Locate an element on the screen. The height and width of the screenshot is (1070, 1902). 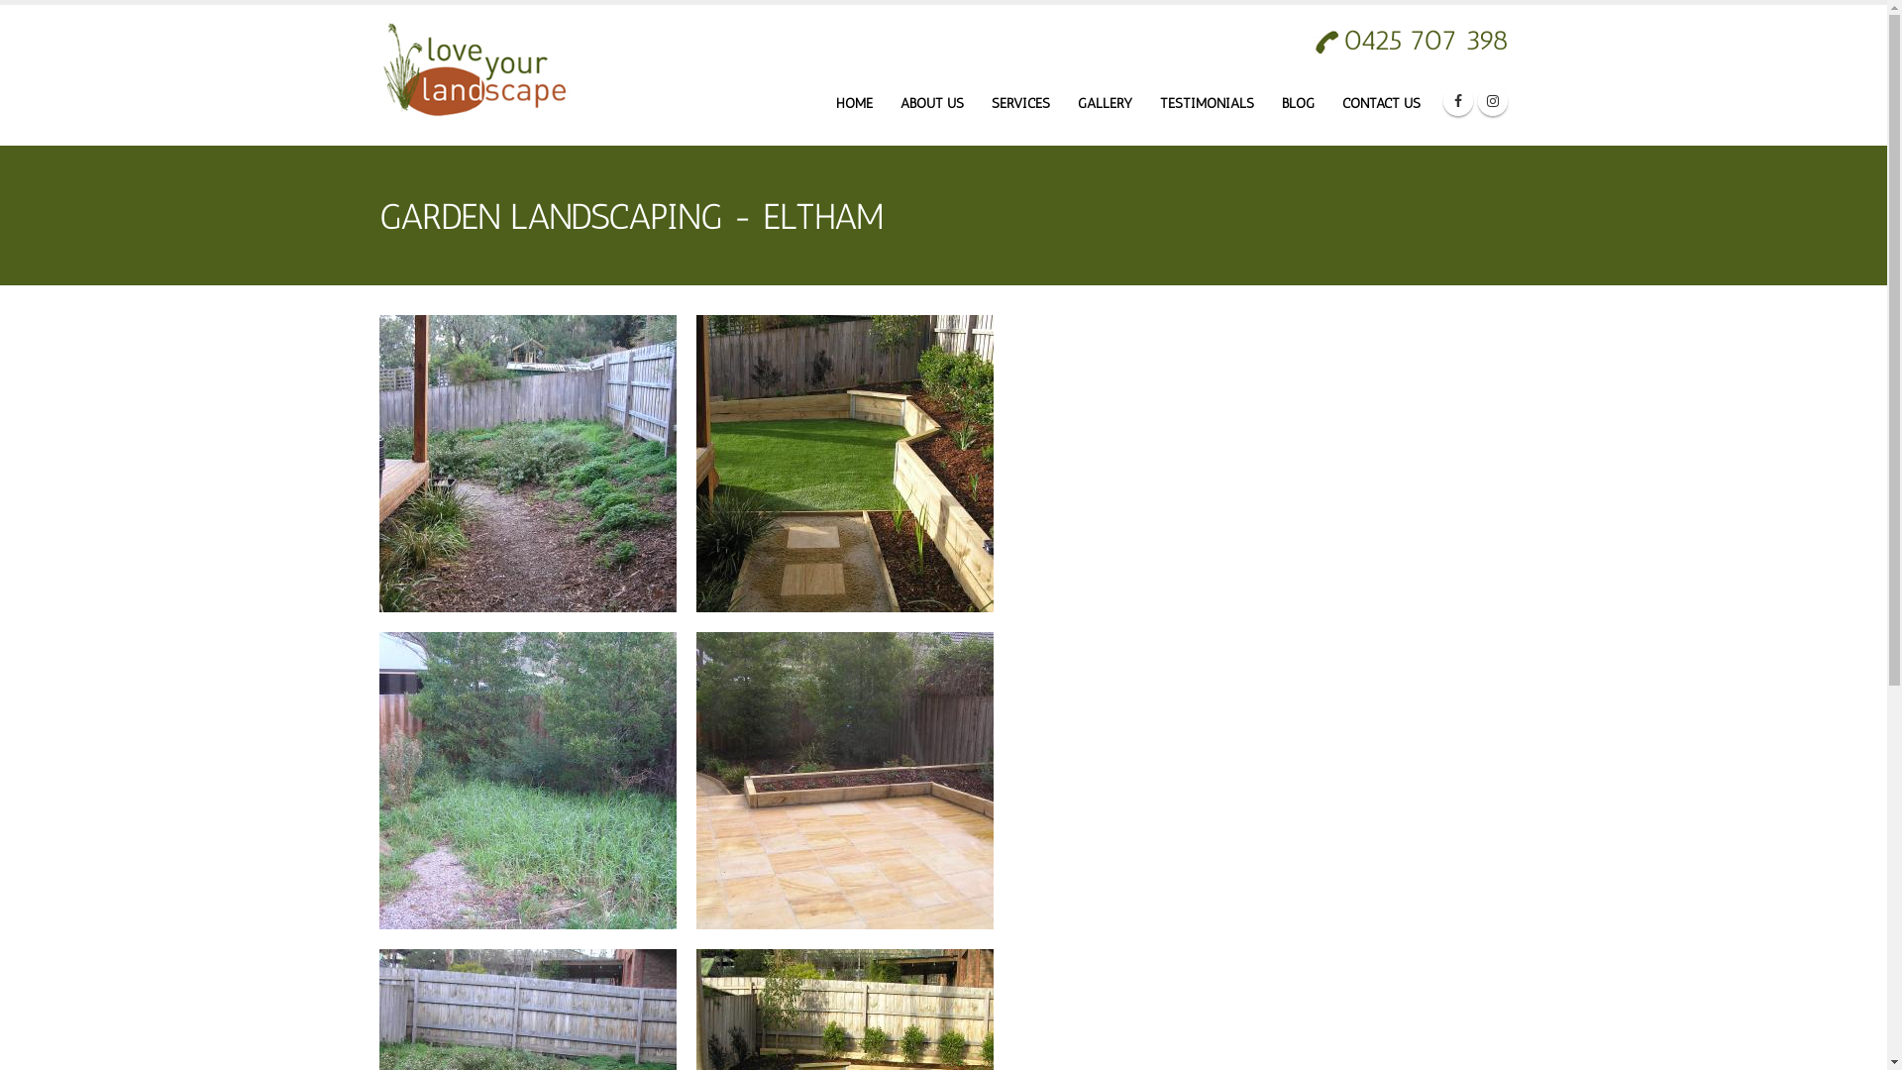
'TESTIMONIALS' is located at coordinates (1206, 103).